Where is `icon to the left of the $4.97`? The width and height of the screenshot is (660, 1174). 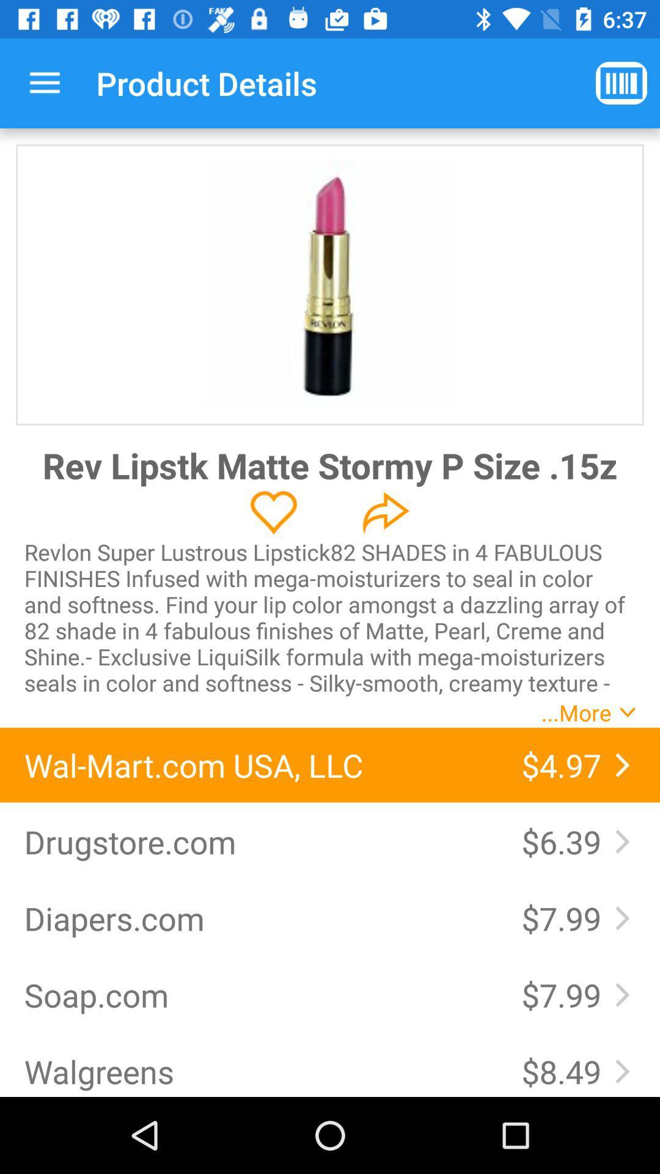
icon to the left of the $4.97 is located at coordinates (260, 764).